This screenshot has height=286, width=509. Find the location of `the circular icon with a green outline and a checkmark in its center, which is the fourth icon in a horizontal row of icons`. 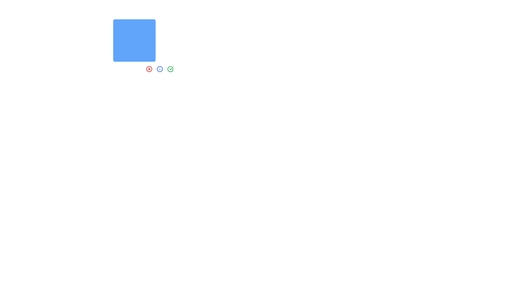

the circular icon with a green outline and a checkmark in its center, which is the fourth icon in a horizontal row of icons is located at coordinates (170, 69).